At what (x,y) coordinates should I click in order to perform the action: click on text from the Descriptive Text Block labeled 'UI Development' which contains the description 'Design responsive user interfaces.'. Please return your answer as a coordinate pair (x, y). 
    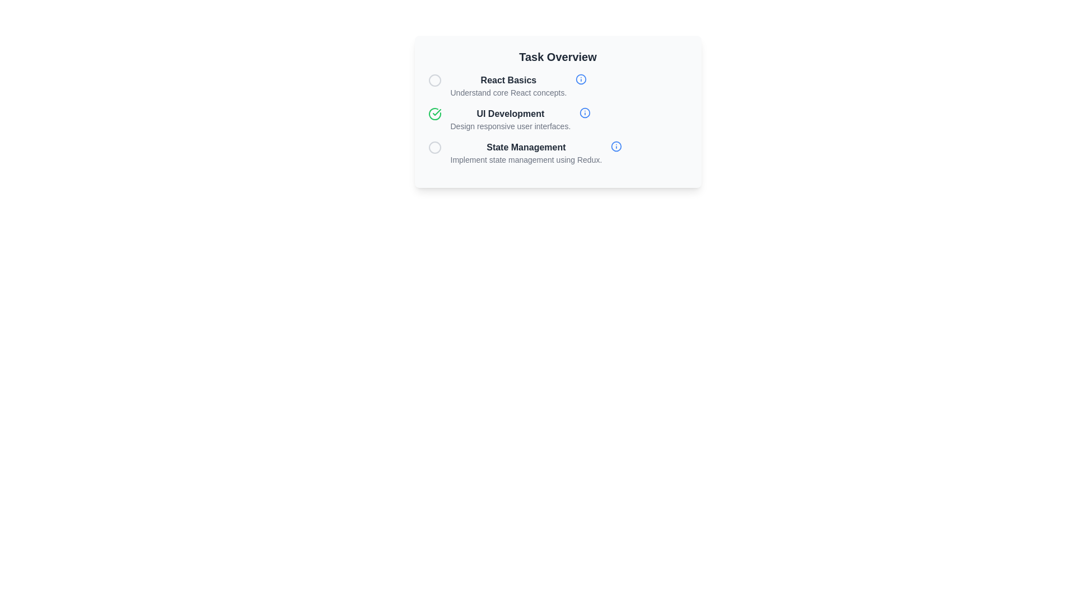
    Looking at the image, I should click on (558, 119).